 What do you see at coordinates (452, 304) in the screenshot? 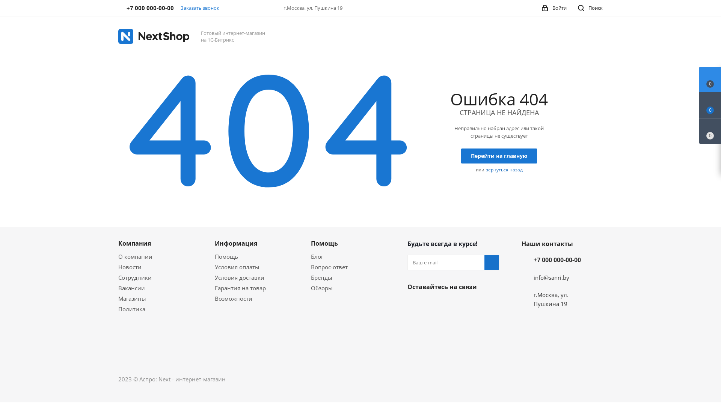
I see `'Twitter'` at bounding box center [452, 304].